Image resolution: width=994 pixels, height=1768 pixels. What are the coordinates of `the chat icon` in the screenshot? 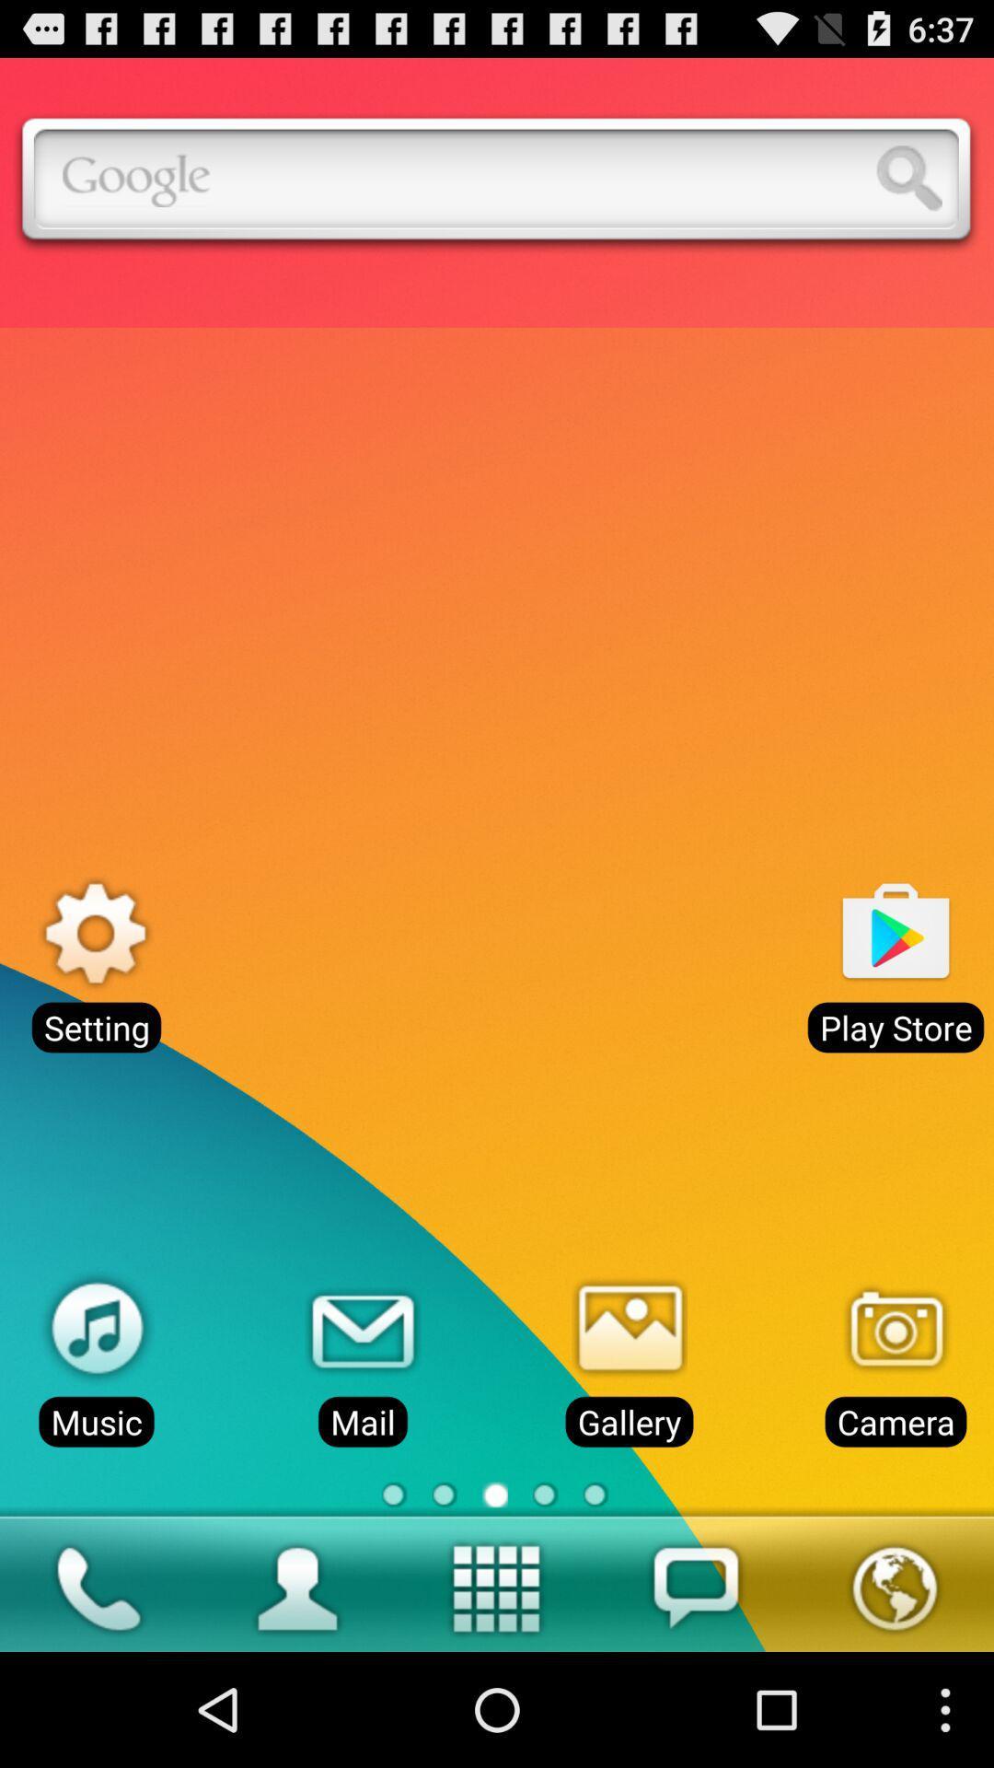 It's located at (696, 1698).